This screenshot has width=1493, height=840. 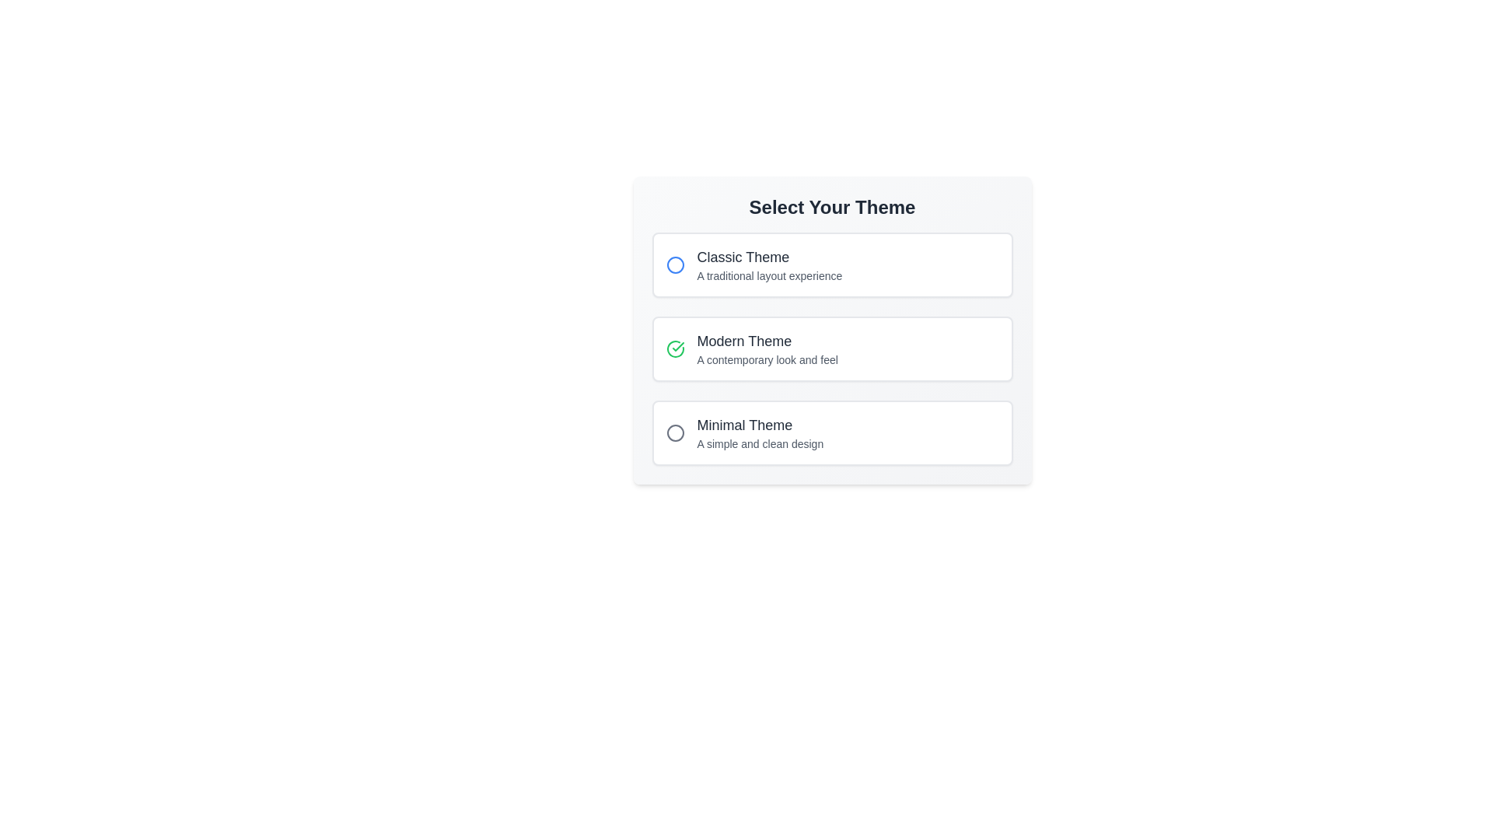 What do you see at coordinates (769, 275) in the screenshot?
I see `the text label that reads 'A traditional layout experience', which is styled in gray and positioned below the 'Classic Theme' title in the 'Select Your Theme' section` at bounding box center [769, 275].